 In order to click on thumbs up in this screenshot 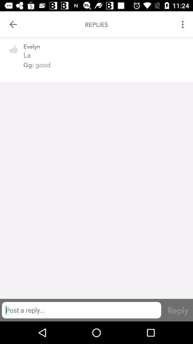, I will do `click(14, 53)`.